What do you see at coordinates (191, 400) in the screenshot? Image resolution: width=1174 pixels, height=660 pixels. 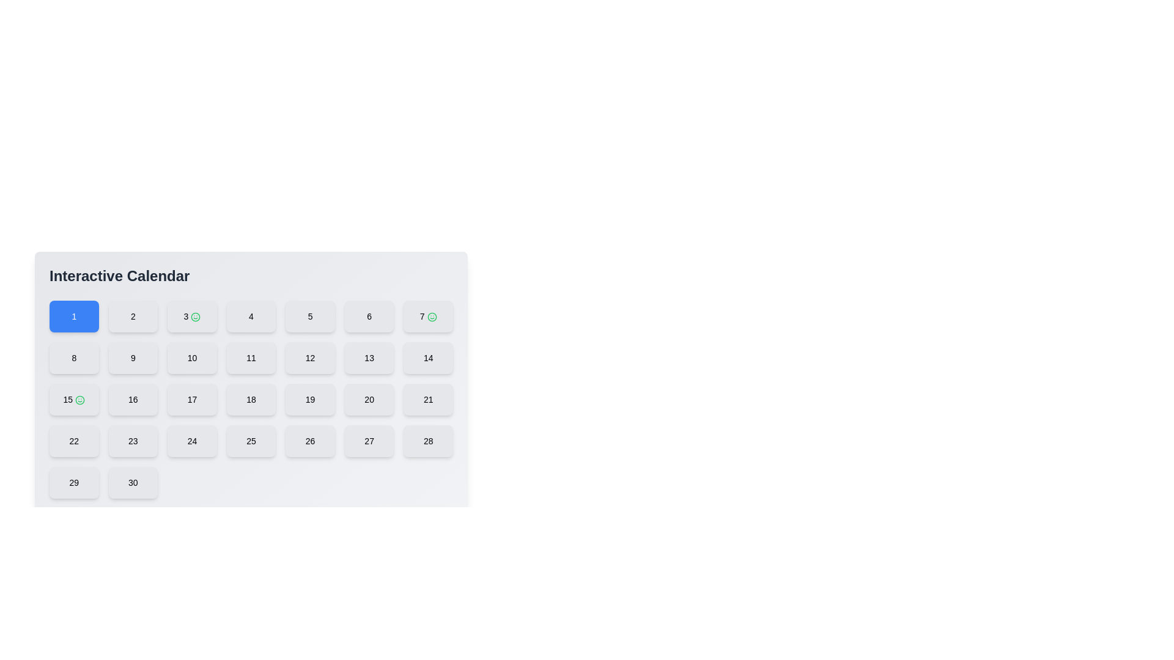 I see `the button labeled '17' in the calendar grid` at bounding box center [191, 400].